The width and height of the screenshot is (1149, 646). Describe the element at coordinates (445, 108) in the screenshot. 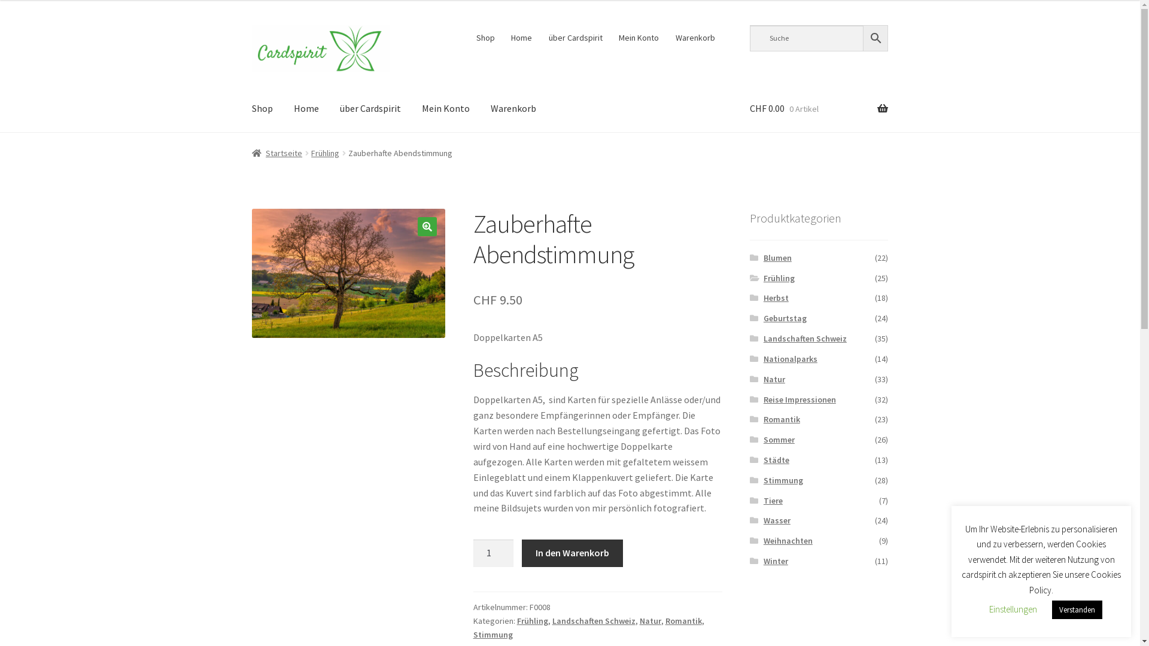

I see `'Mein Konto'` at that location.